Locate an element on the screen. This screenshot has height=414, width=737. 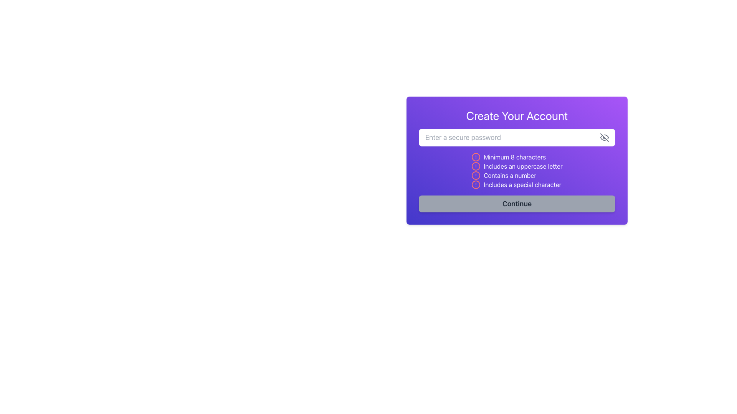
the informational list displaying password requirements, located below the password input field and above the 'Continue' button in the 'Create Your Account' form is located at coordinates (517, 171).